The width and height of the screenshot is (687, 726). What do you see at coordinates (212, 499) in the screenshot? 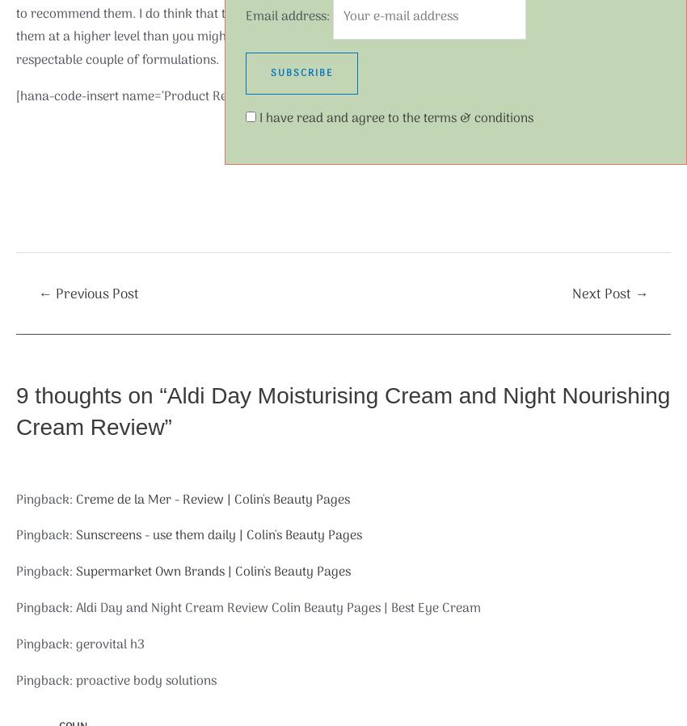
I see `'Creme de la Mer - Review | Colin's Beauty Pages'` at bounding box center [212, 499].